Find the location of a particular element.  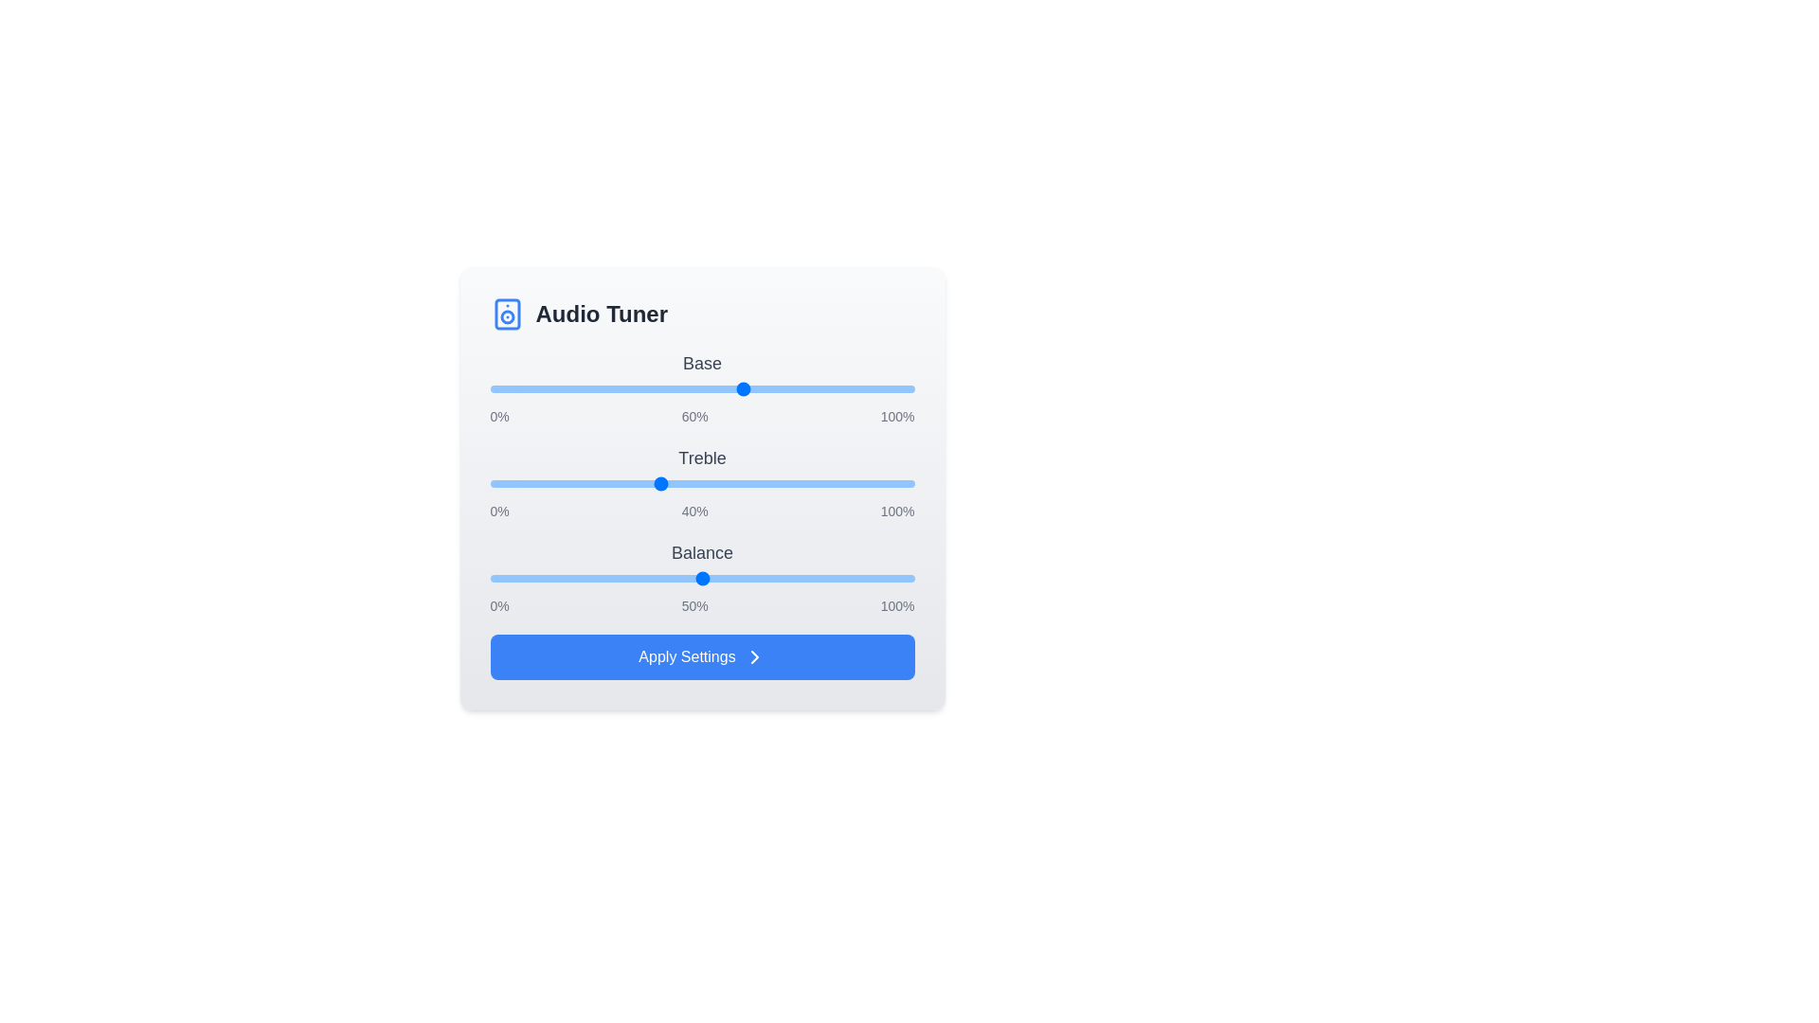

the slider to view interactivity is located at coordinates (701, 388).